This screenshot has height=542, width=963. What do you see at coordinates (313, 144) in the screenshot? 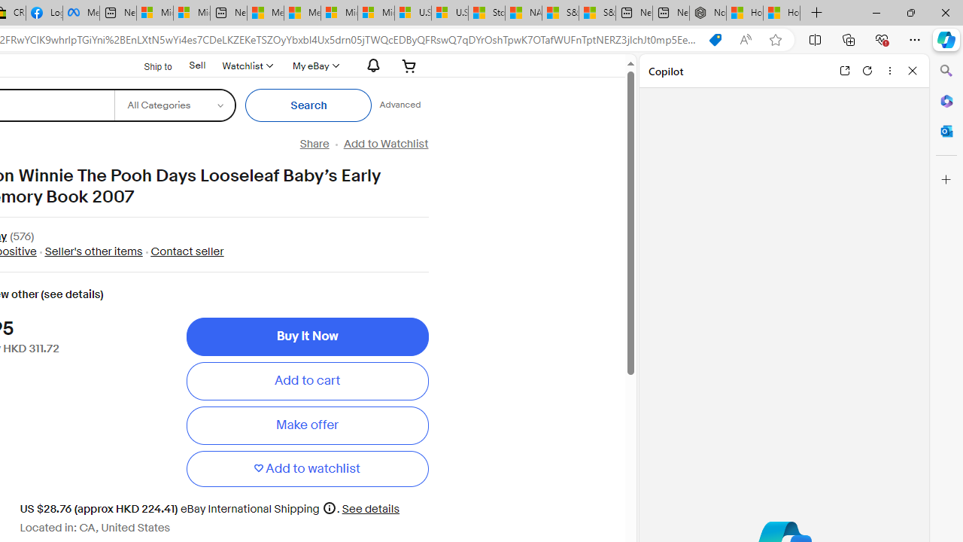
I see `'Share'` at bounding box center [313, 144].